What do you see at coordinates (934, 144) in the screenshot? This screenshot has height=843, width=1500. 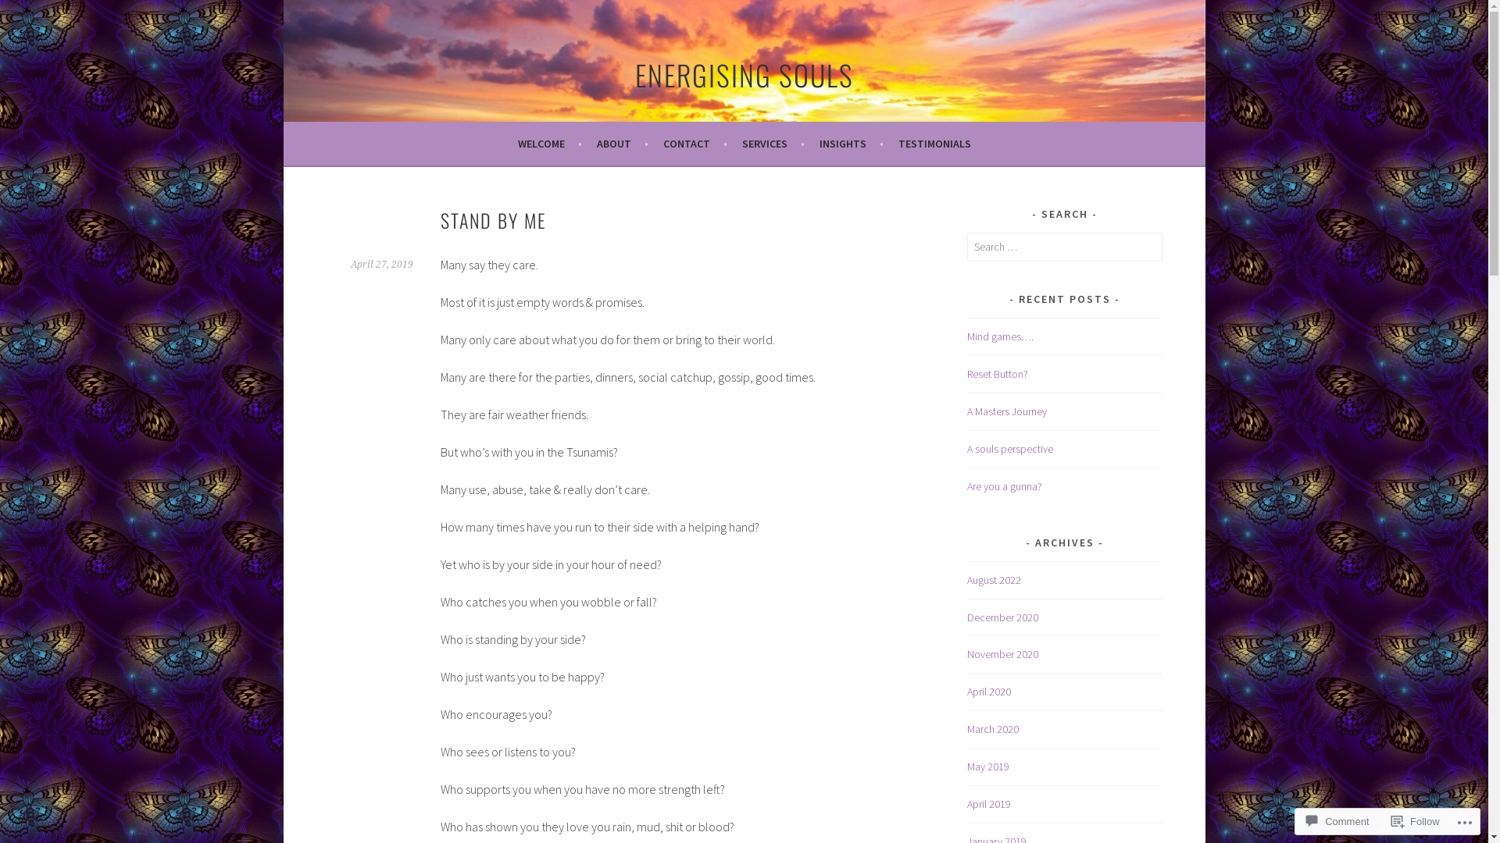 I see `'TESTIMONIALS'` at bounding box center [934, 144].